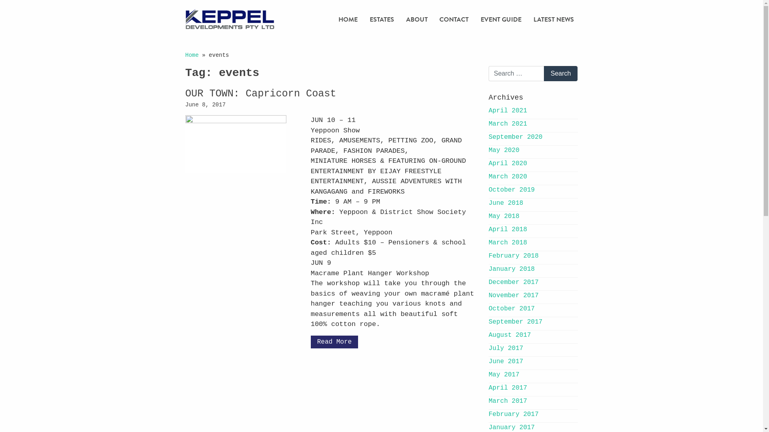  What do you see at coordinates (515, 137) in the screenshot?
I see `'September 2020'` at bounding box center [515, 137].